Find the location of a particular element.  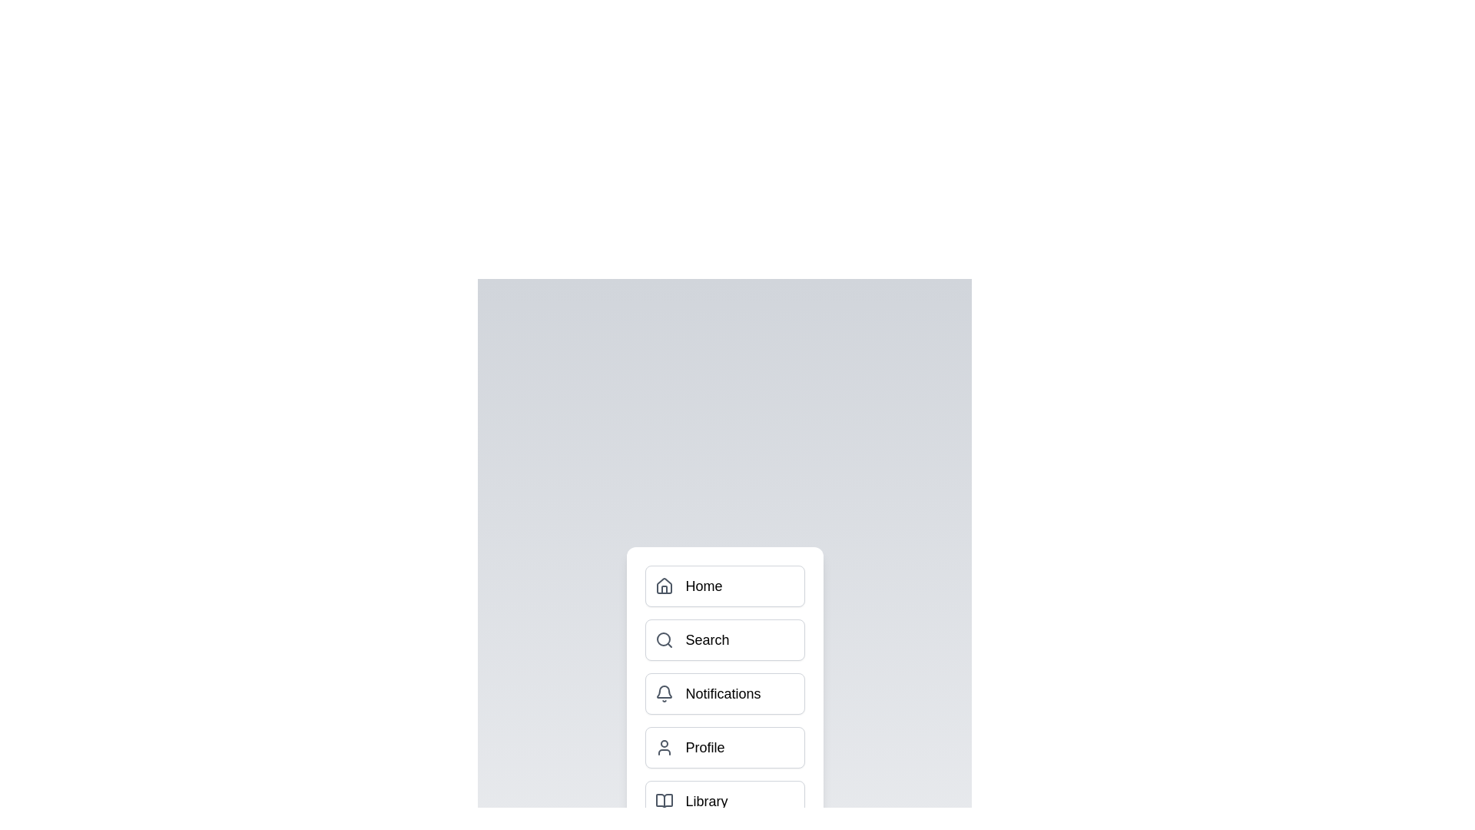

the menu item button labeled Library to toggle its submenu is located at coordinates (724, 800).